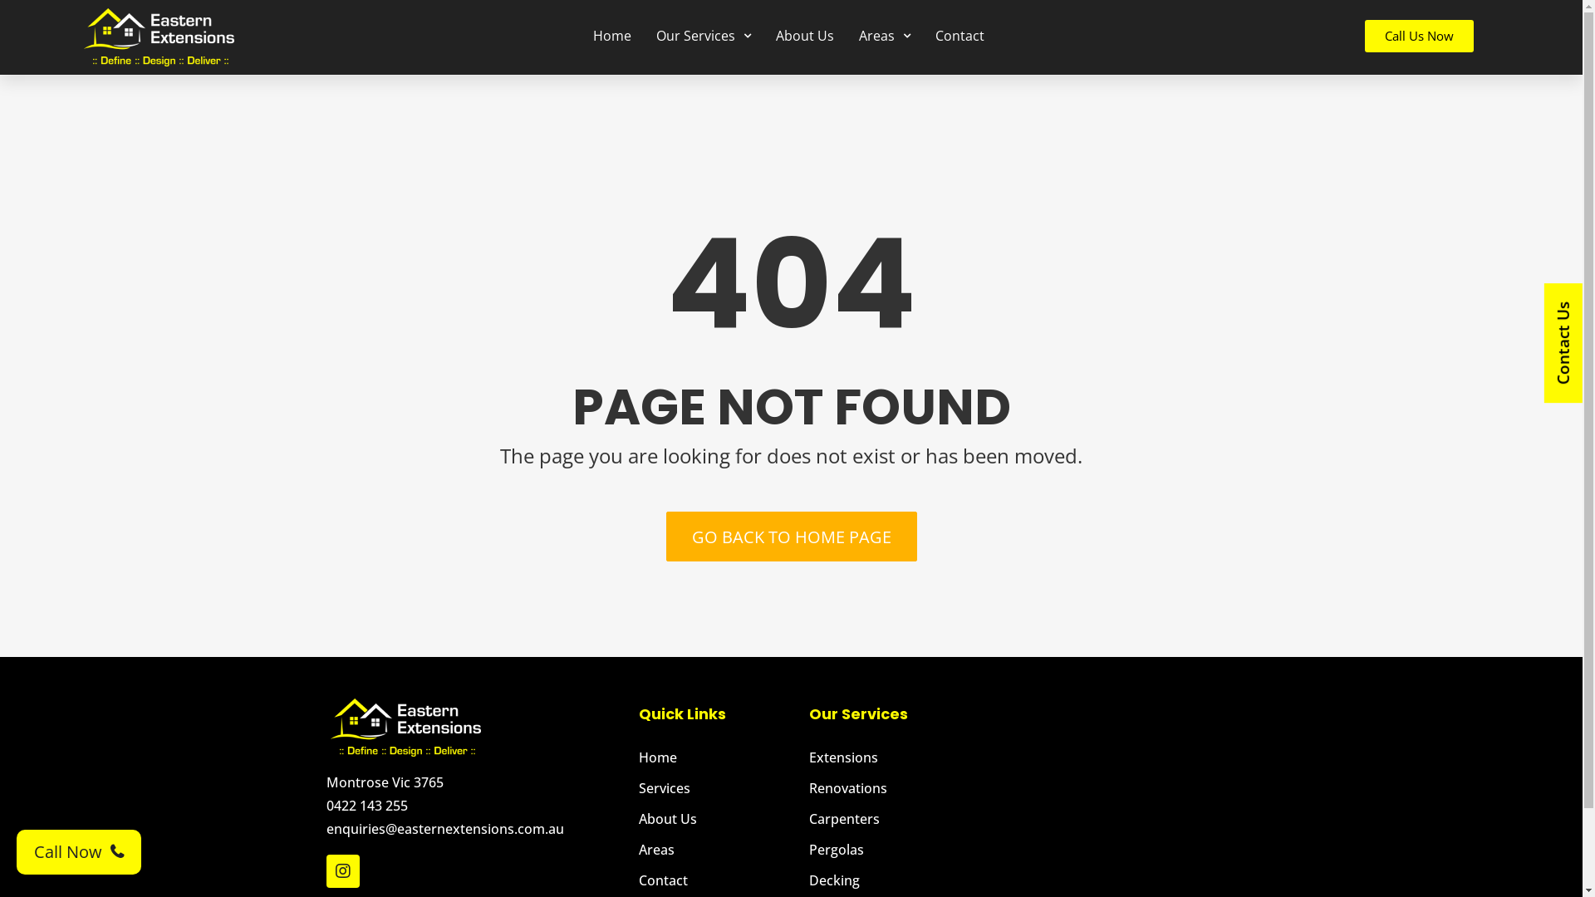  What do you see at coordinates (326, 804) in the screenshot?
I see `'0422 143 255'` at bounding box center [326, 804].